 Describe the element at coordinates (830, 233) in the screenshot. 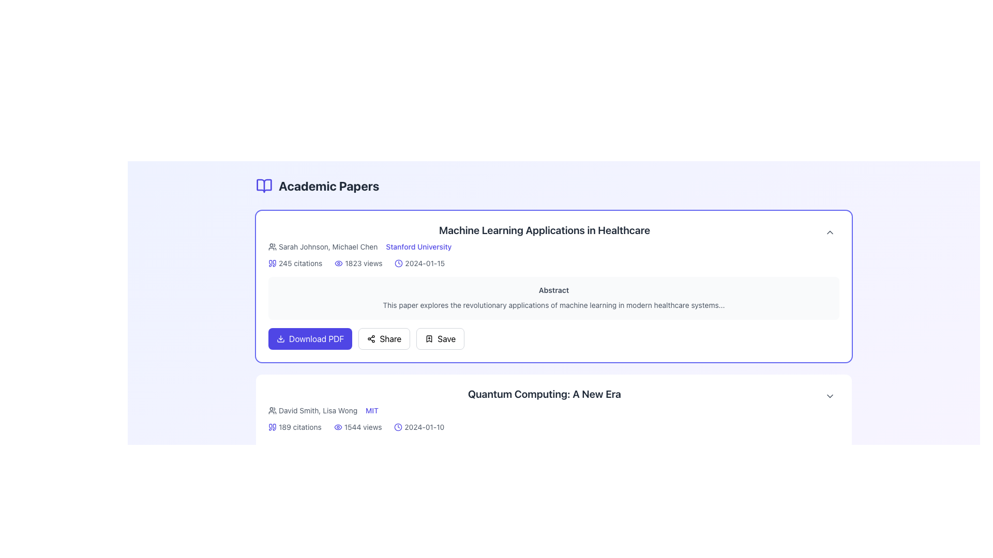

I see `the small upward-facing chevron icon in the top-right corner of the 'Machine Learning Applications in Healthcare' card` at that location.